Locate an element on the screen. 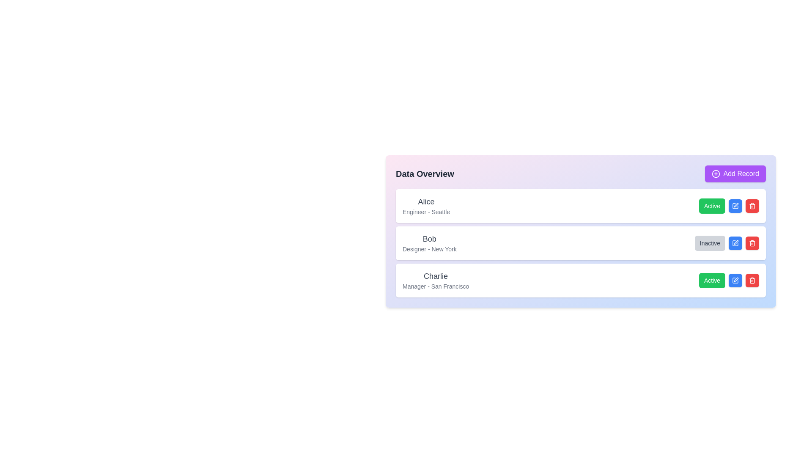 The height and width of the screenshot is (457, 812). the edit button with a pen icon located between the green 'Active' button and the red 'Delete' button to initiate editing the user's information is located at coordinates (735, 206).